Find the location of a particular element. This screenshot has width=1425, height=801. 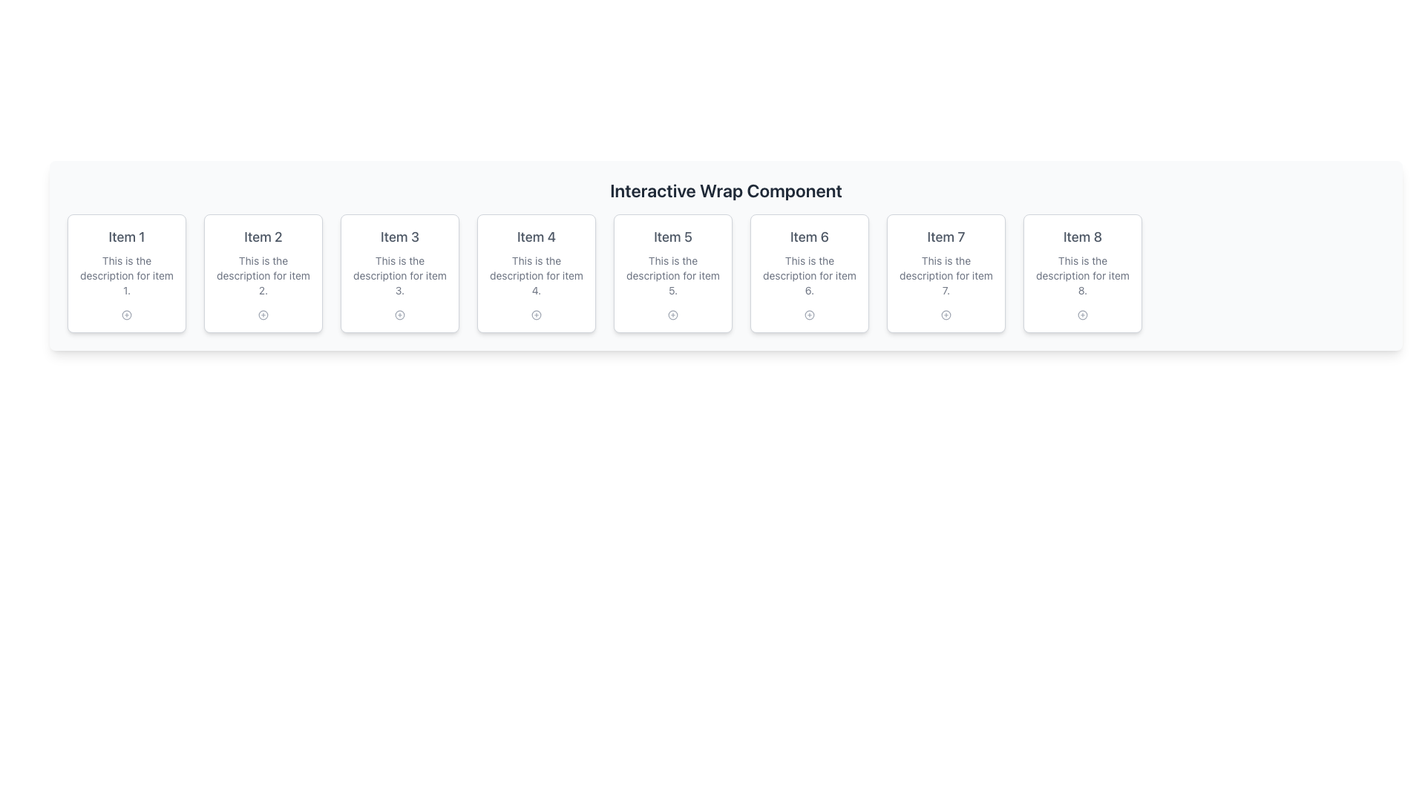

text label titled 'Item 2' located at the top-center of the second card in a horizontal lineup is located at coordinates (263, 237).